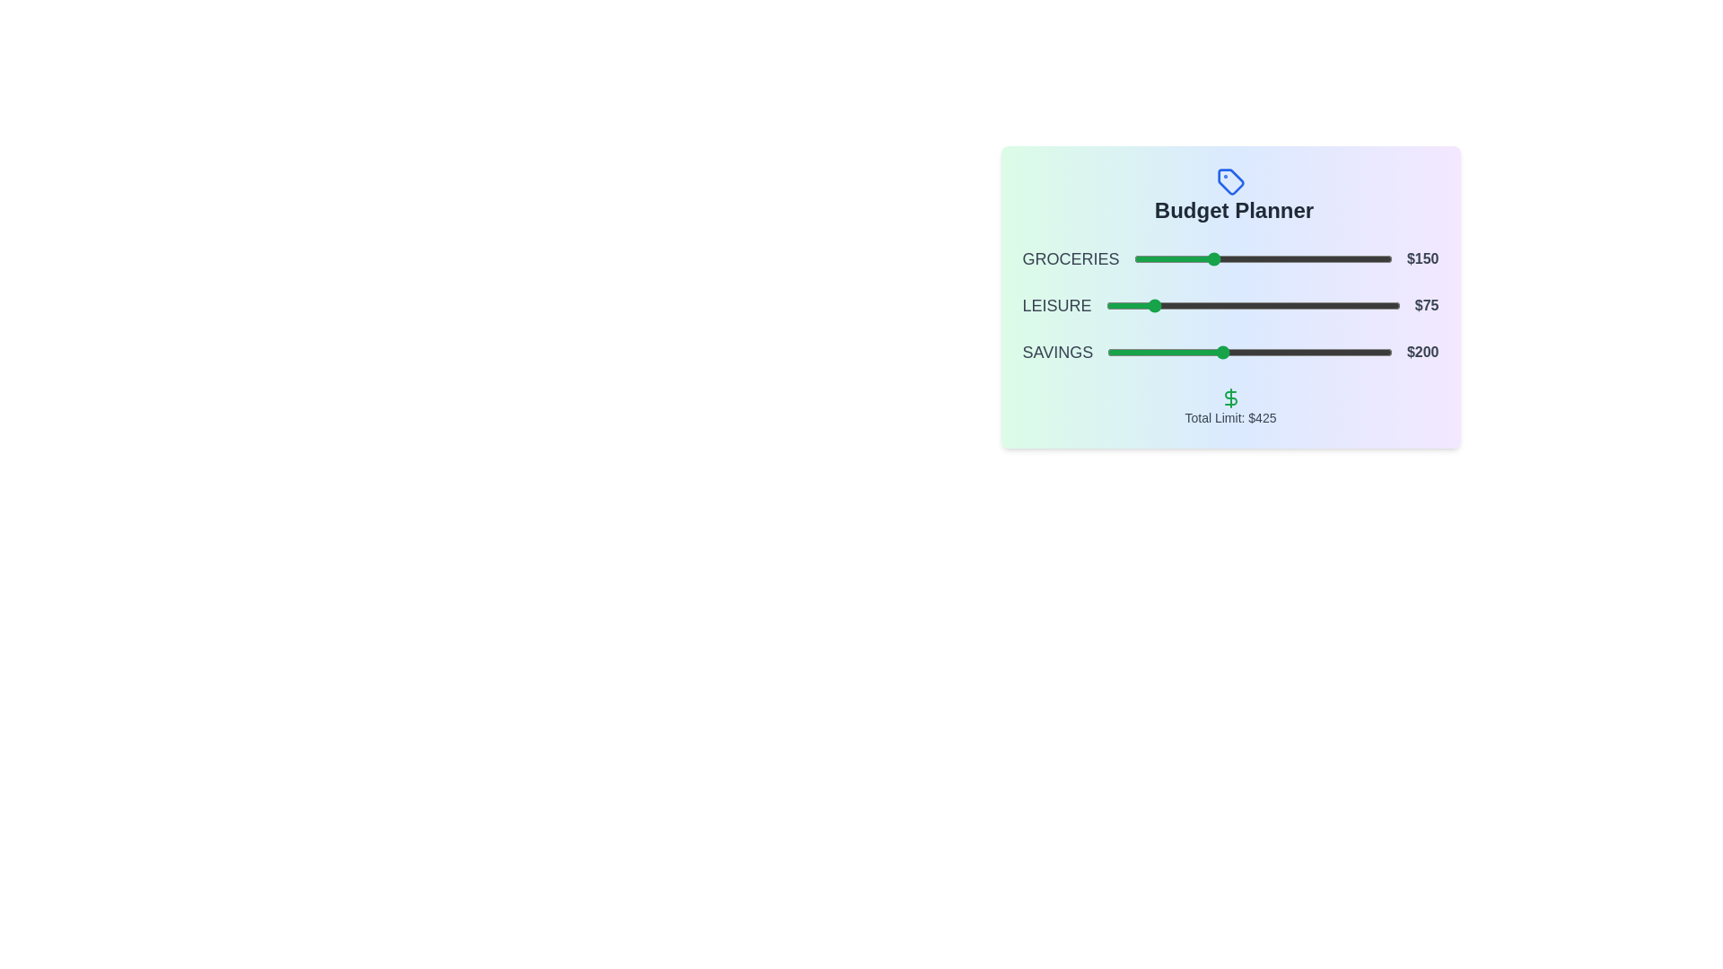 This screenshot has width=1723, height=969. Describe the element at coordinates (1144, 304) in the screenshot. I see `the slider for 1 to 23` at that location.